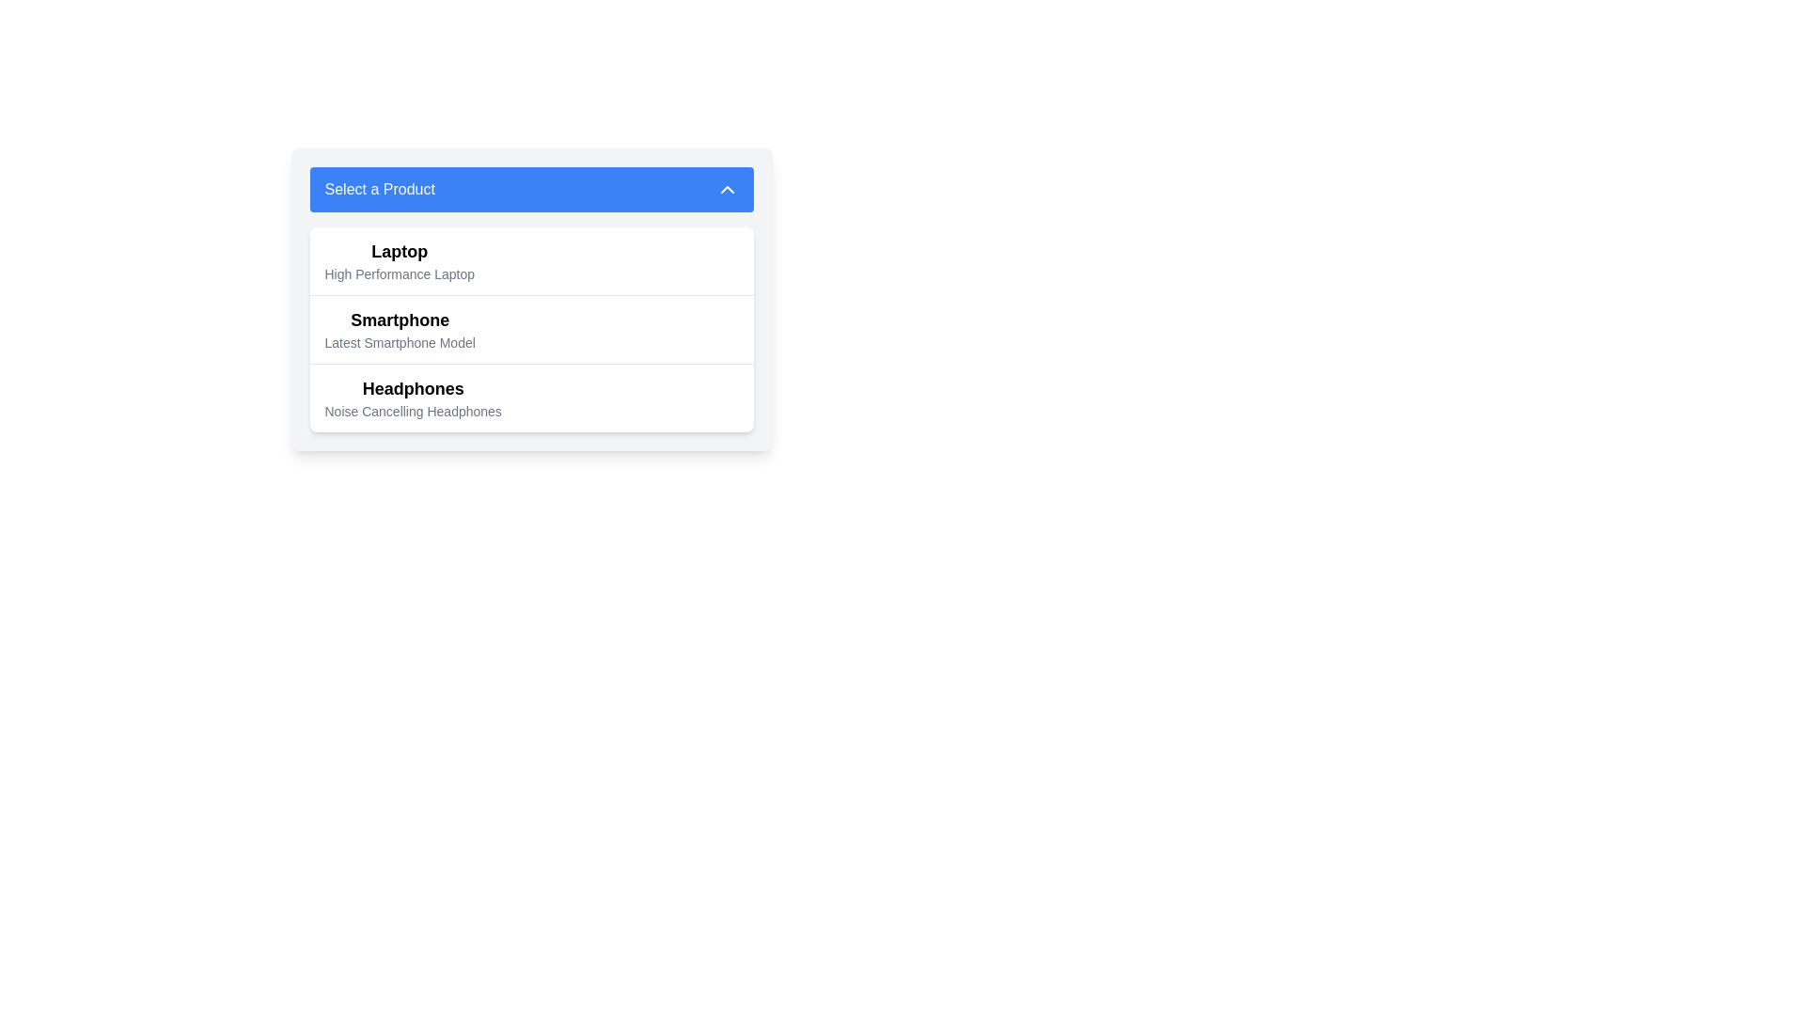 Image resolution: width=1805 pixels, height=1015 pixels. What do you see at coordinates (412, 398) in the screenshot?
I see `the text block labeled 'Headphones' which is the third item in the dropdown menu` at bounding box center [412, 398].